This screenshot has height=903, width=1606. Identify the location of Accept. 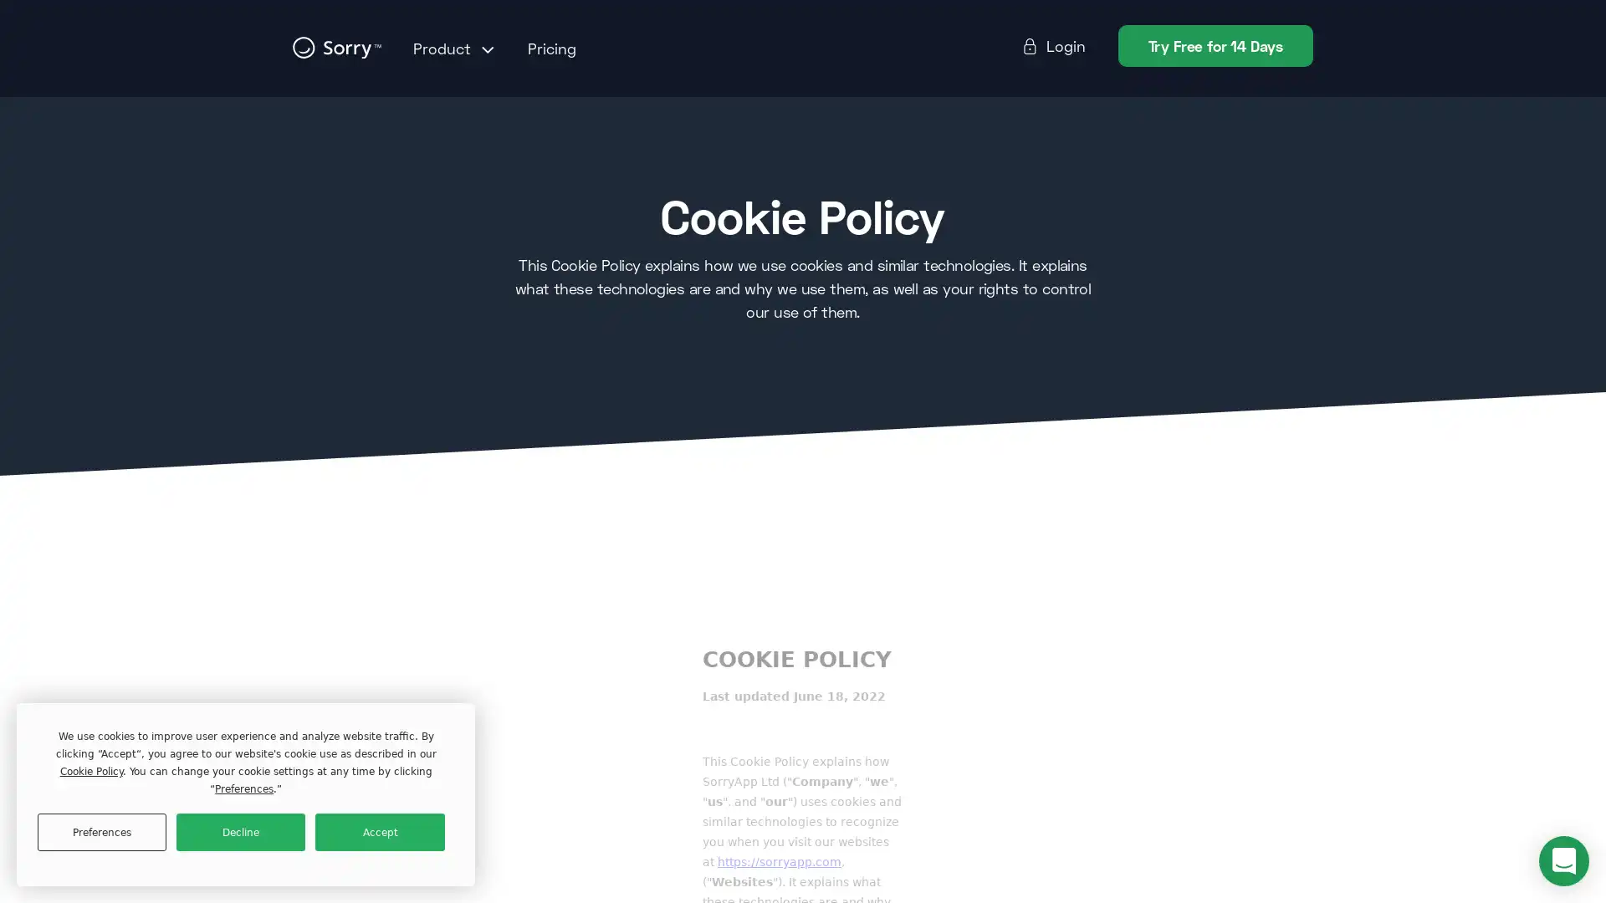
(379, 832).